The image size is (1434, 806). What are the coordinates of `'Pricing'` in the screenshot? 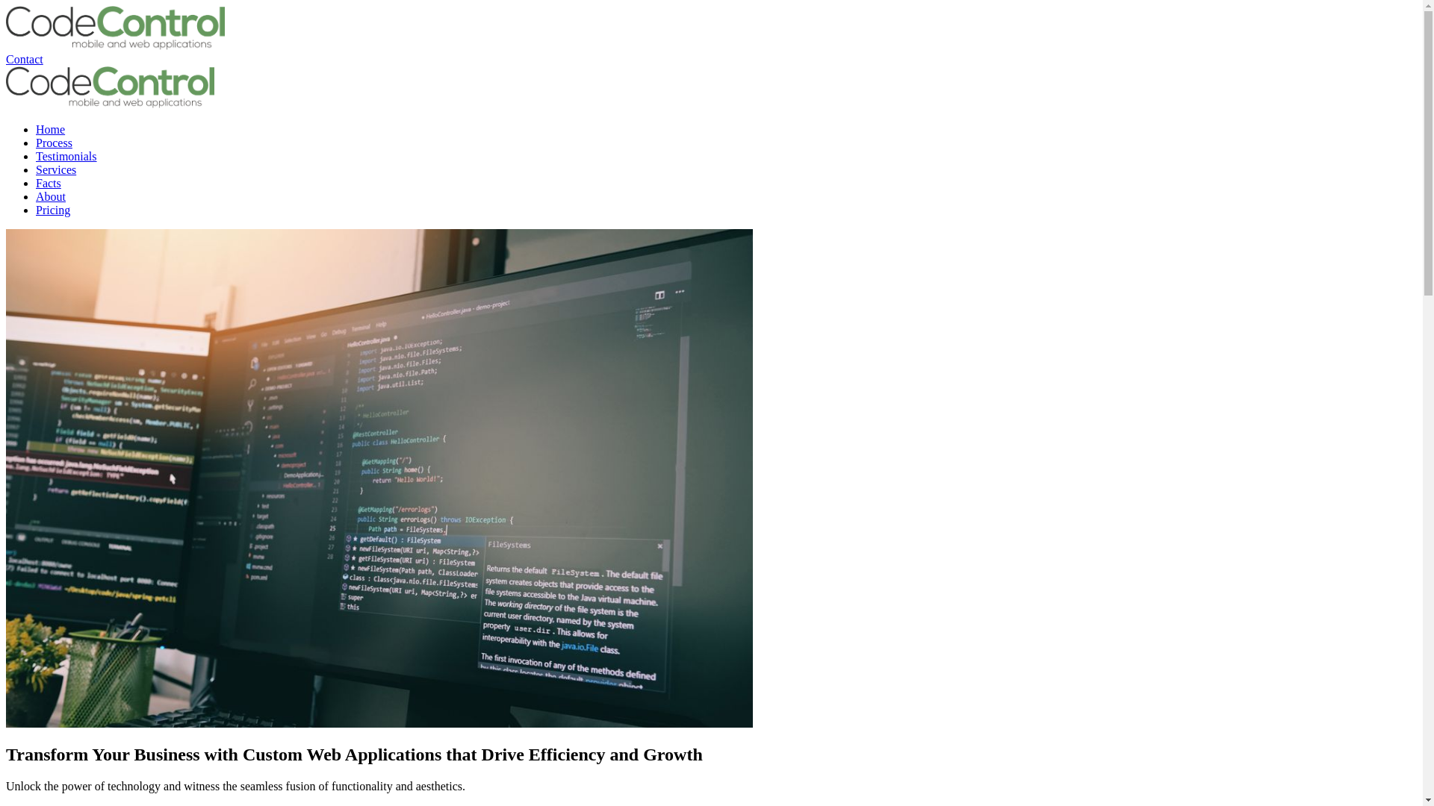 It's located at (53, 210).